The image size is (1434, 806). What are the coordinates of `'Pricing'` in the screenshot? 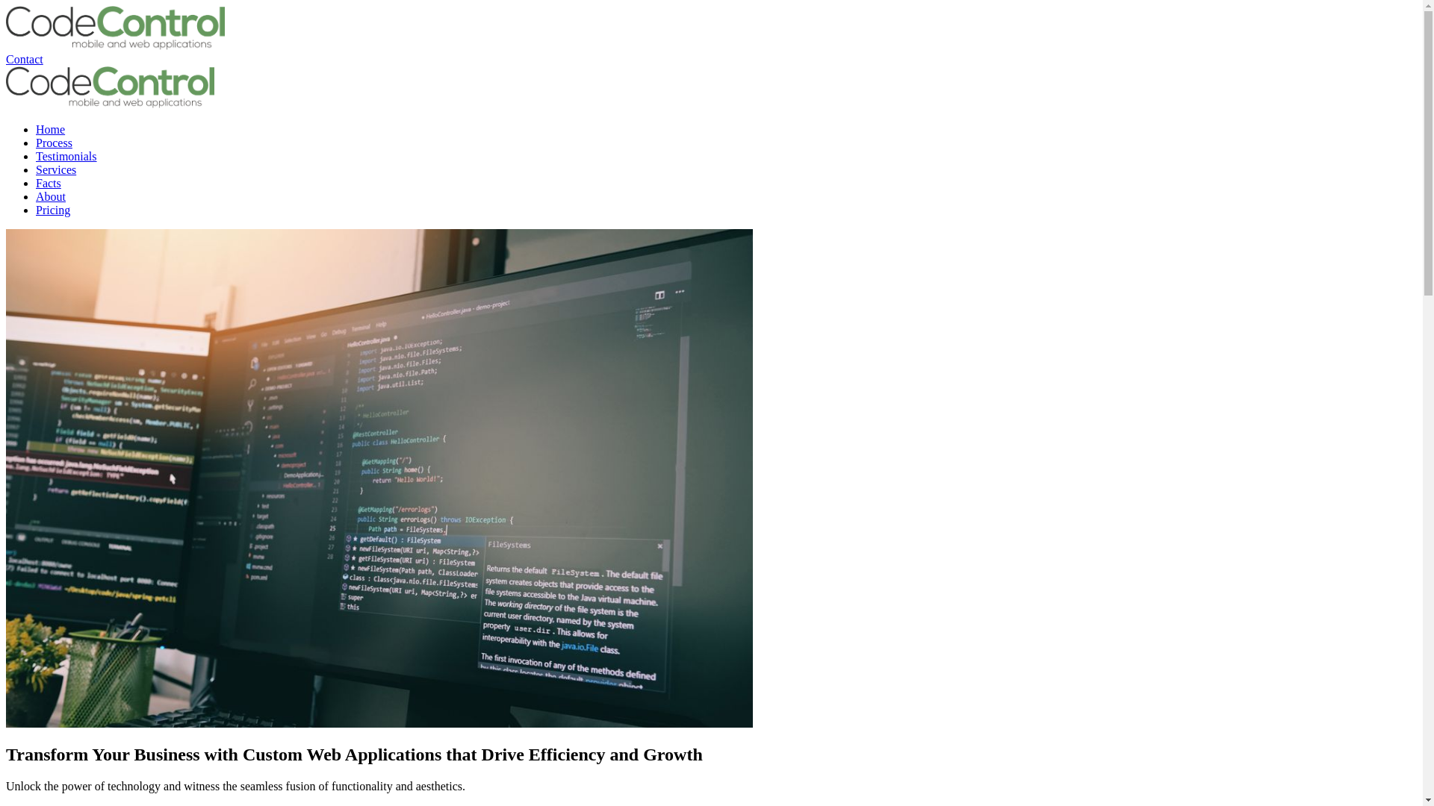 It's located at (53, 210).